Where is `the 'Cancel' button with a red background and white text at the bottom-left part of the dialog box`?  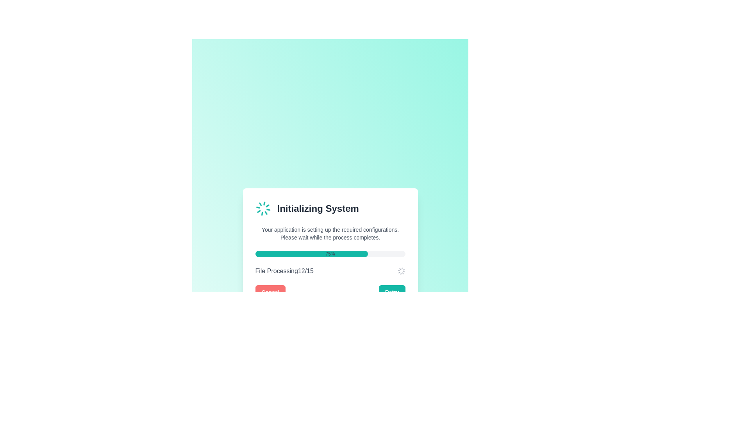
the 'Cancel' button with a red background and white text at the bottom-left part of the dialog box is located at coordinates (270, 292).